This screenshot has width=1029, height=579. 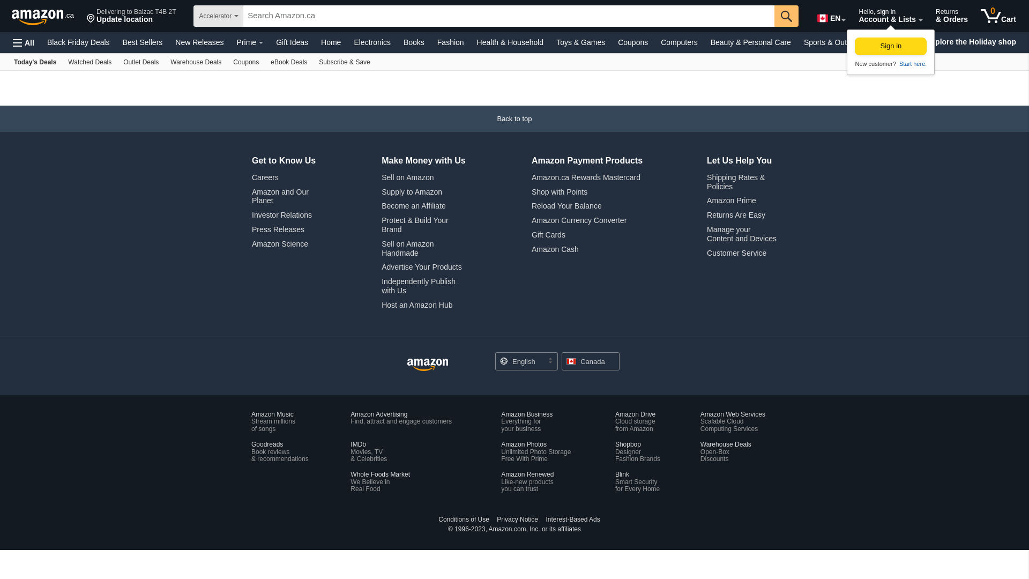 I want to click on 'Manage your Content and Devices', so click(x=707, y=233).